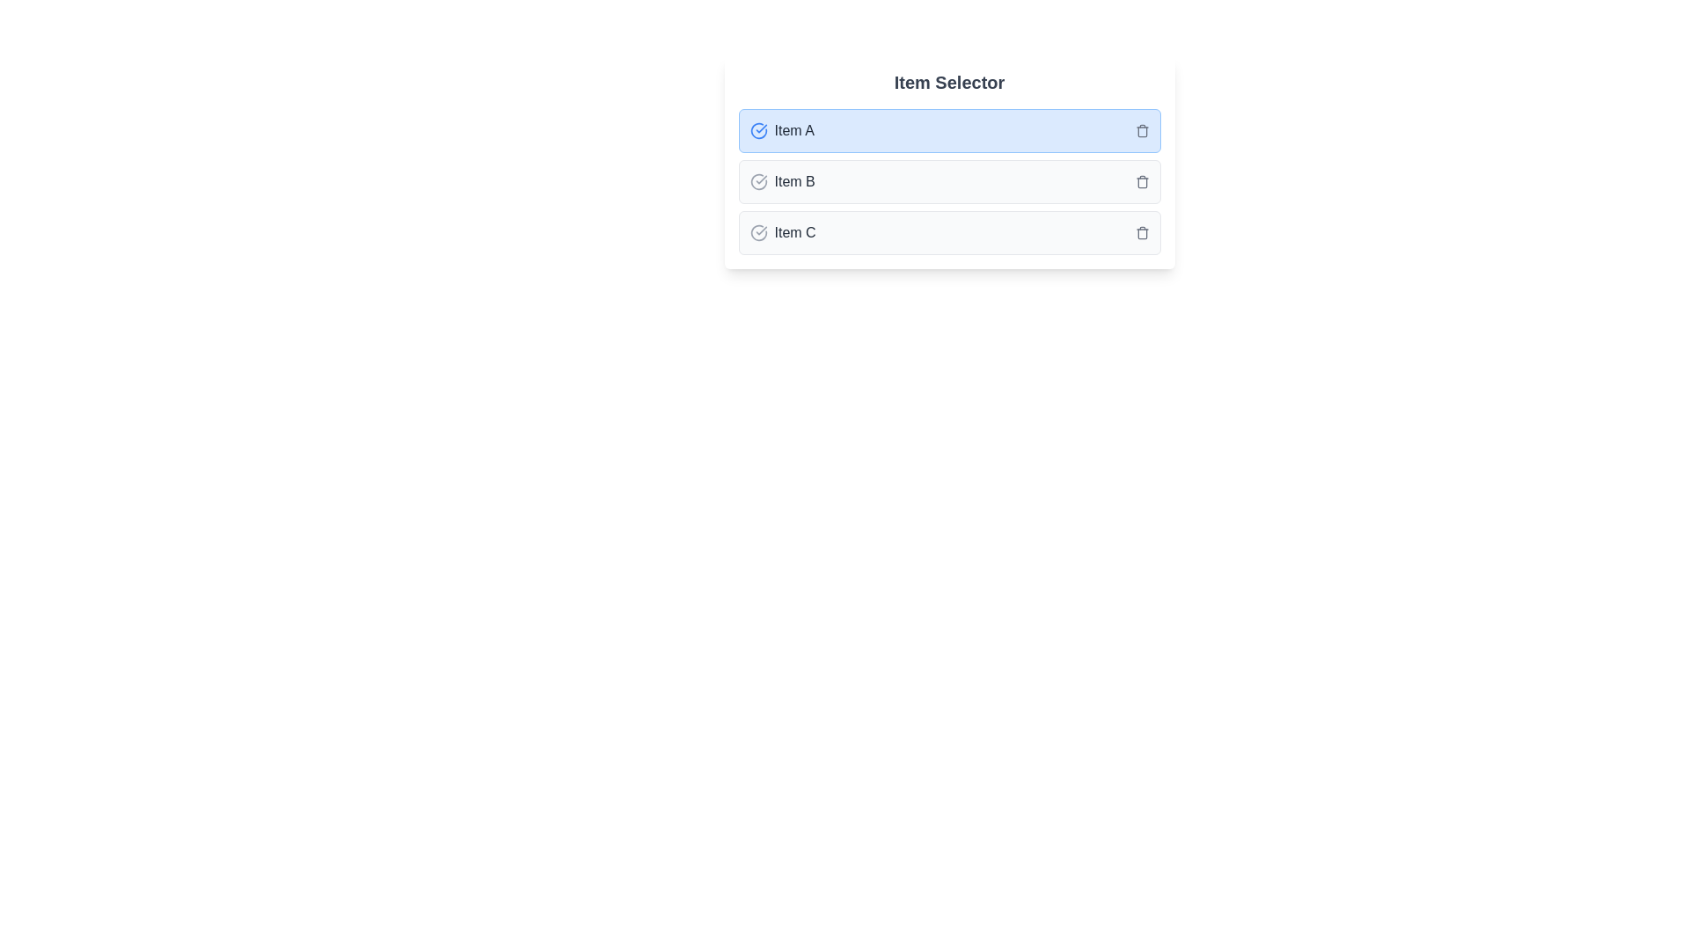 The width and height of the screenshot is (1689, 950). What do you see at coordinates (948, 182) in the screenshot?
I see `the second item in the selectable list` at bounding box center [948, 182].